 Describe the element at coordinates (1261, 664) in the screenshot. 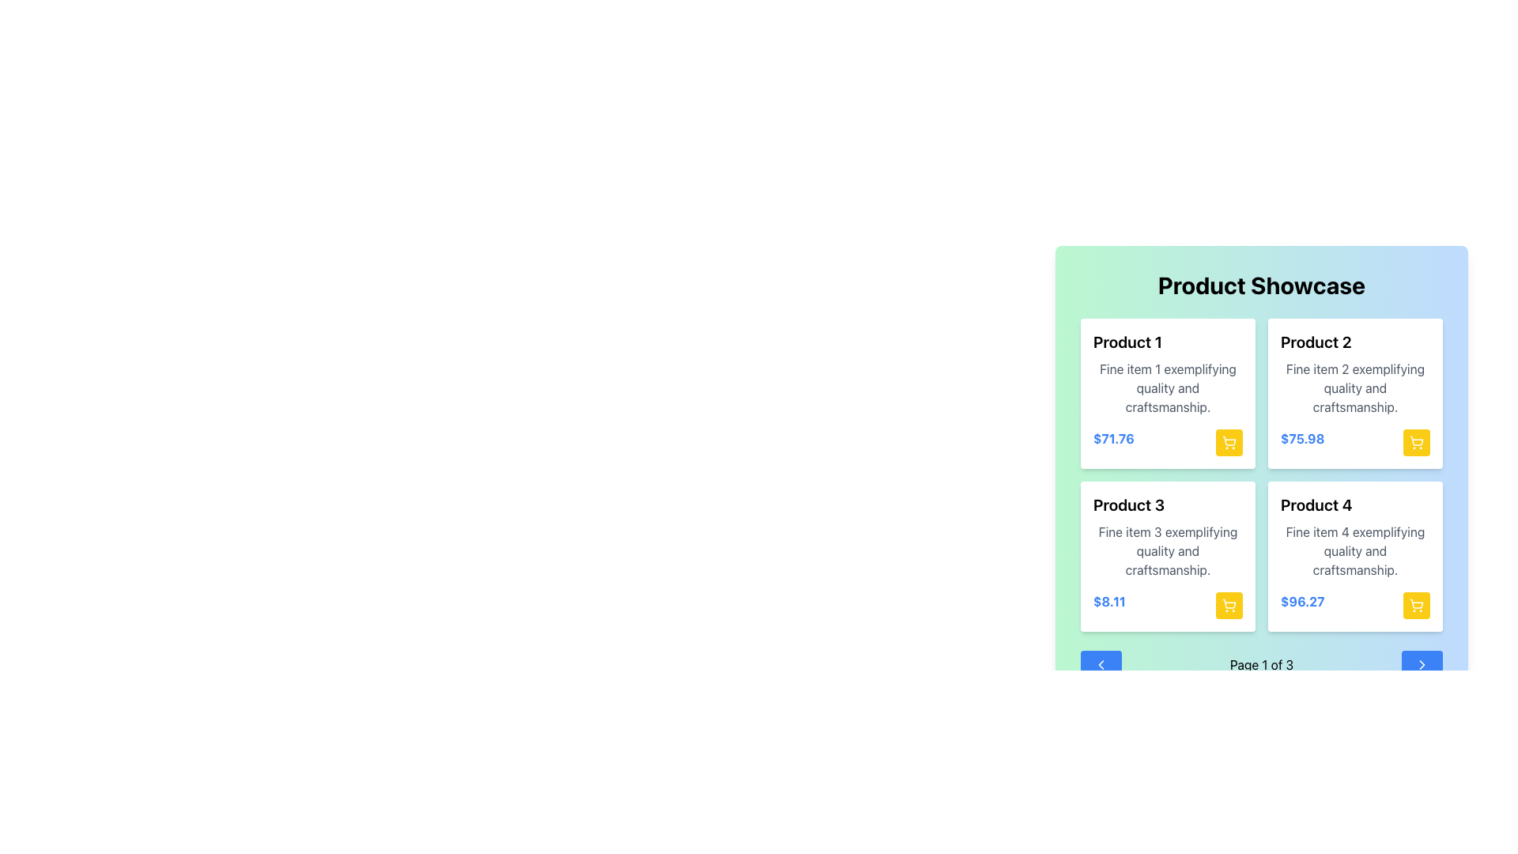

I see `the text display element that shows 'Page 1 of 3', which is centrally positioned at the bottom of the card layout interface` at that location.